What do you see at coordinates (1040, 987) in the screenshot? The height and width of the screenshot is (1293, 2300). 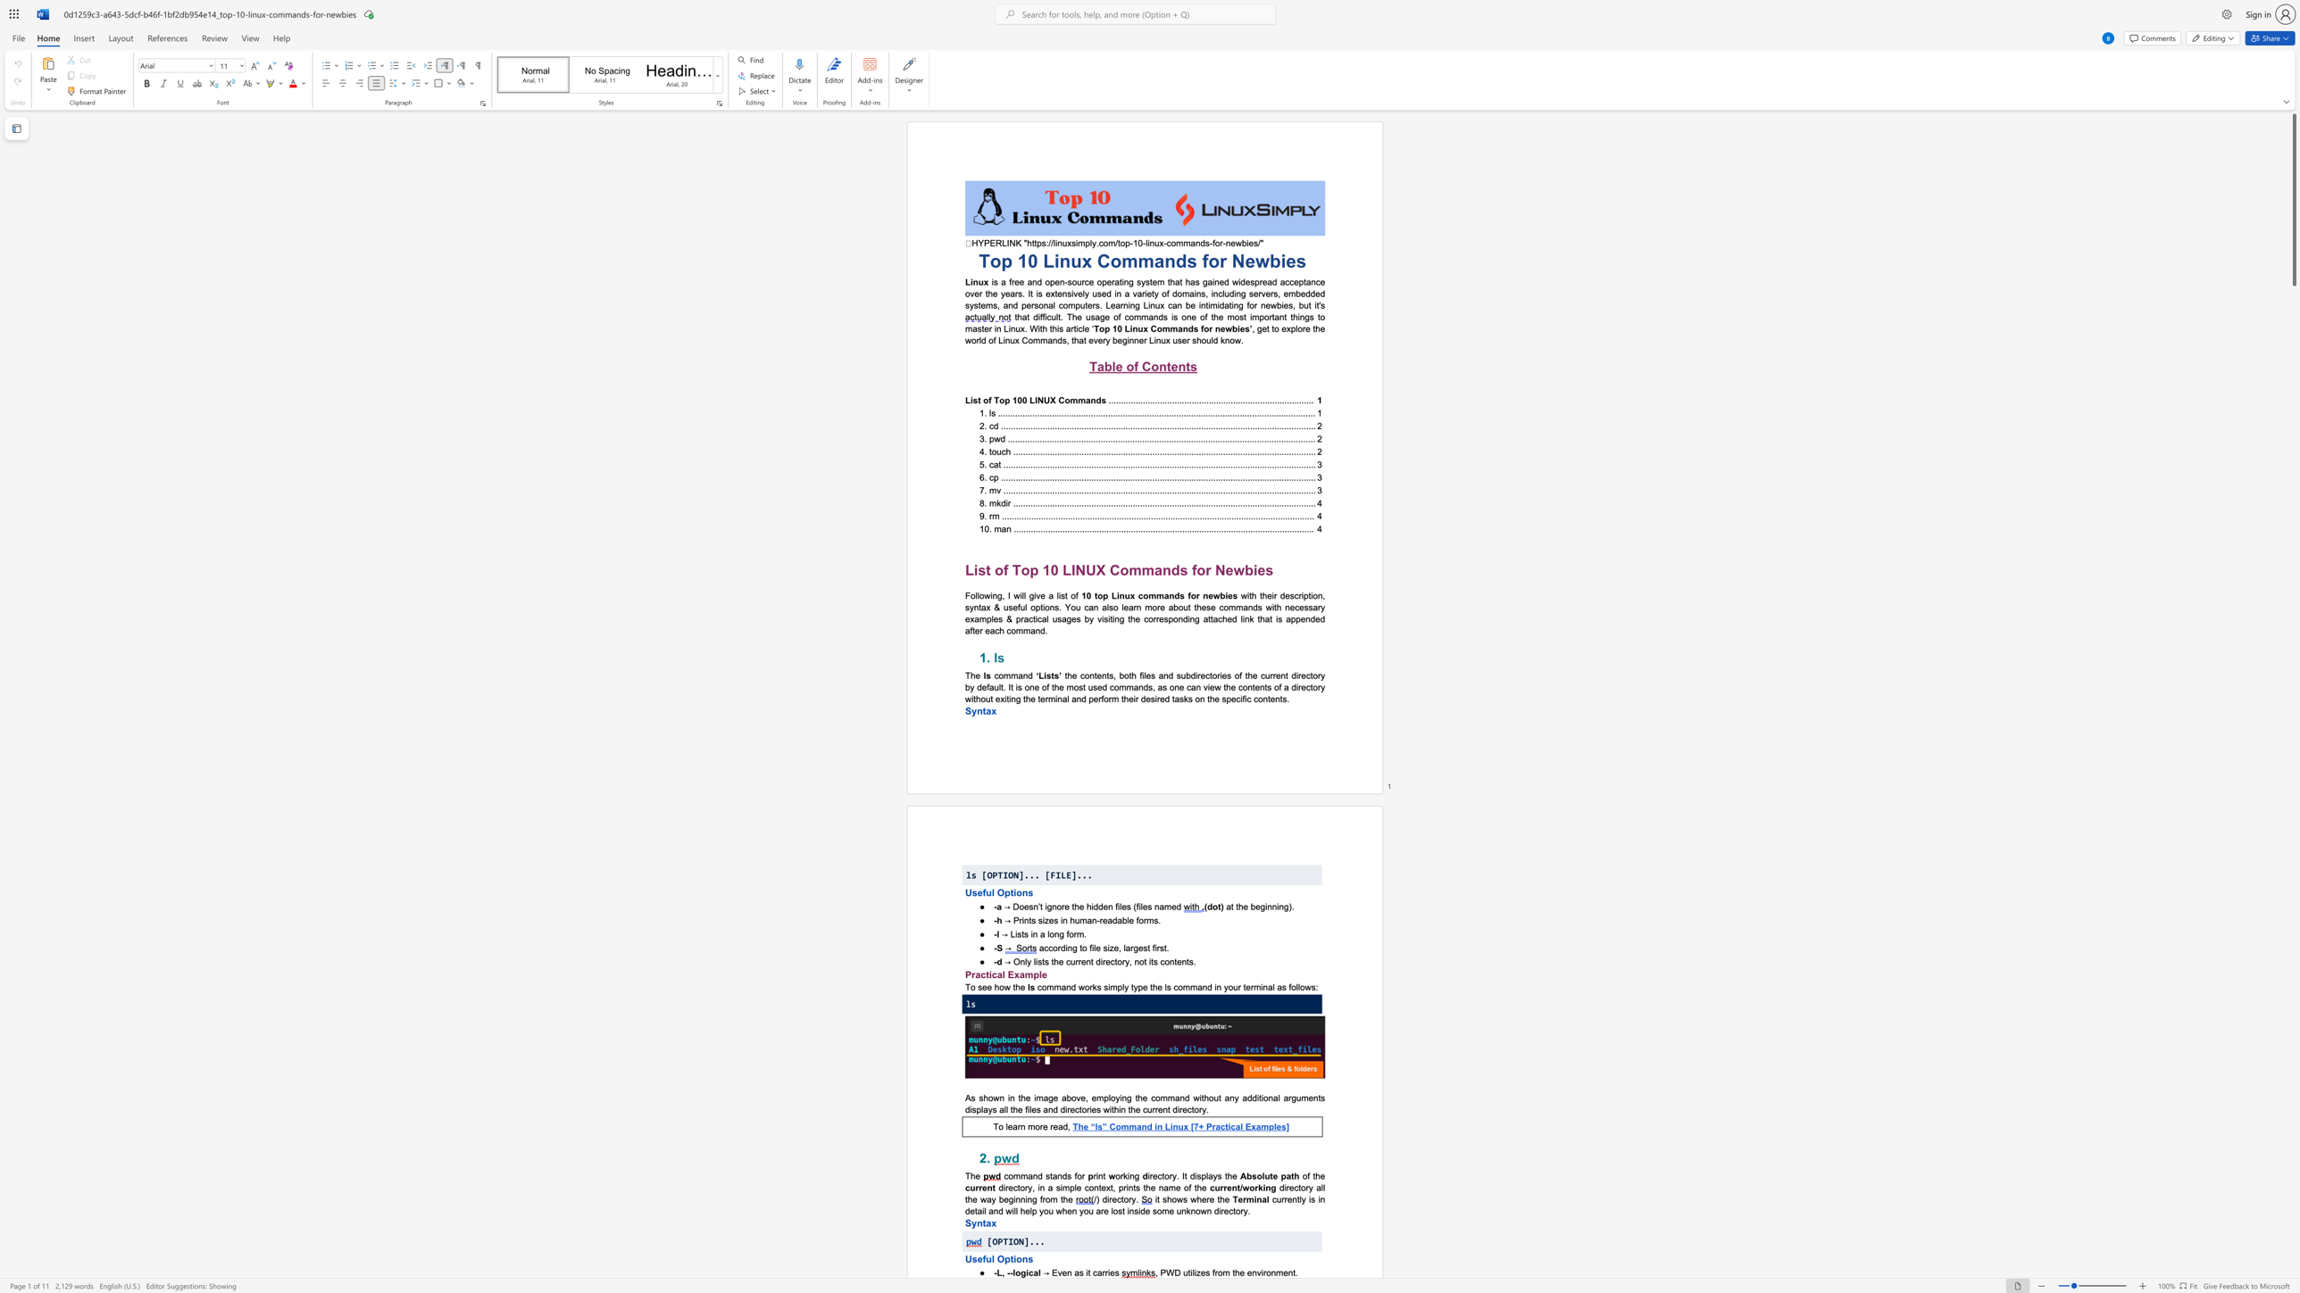 I see `the subset text "ommand works simply type t" within the text "command works simply type the ls command in your terminal as follows:"` at bounding box center [1040, 987].